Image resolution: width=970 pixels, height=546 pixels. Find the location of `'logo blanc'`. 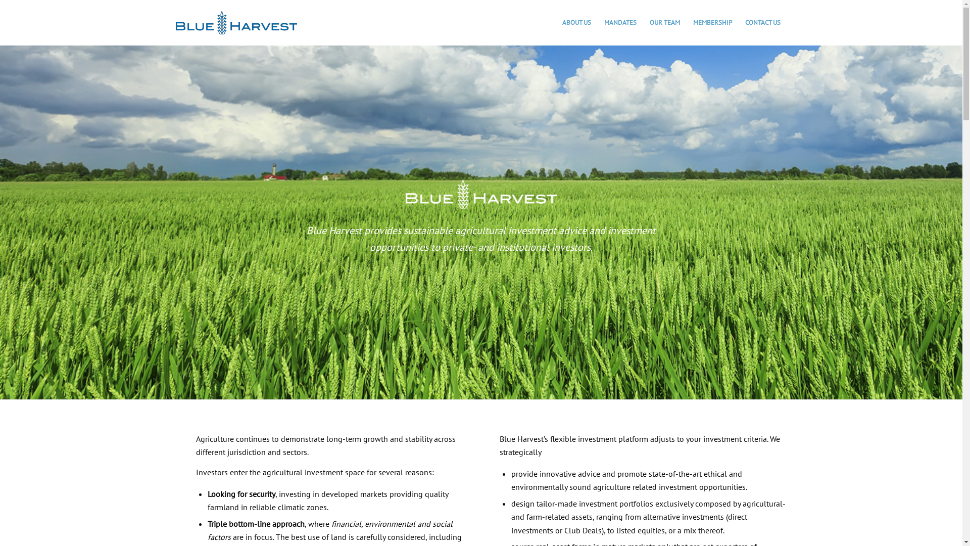

'logo blanc' is located at coordinates (405, 194).